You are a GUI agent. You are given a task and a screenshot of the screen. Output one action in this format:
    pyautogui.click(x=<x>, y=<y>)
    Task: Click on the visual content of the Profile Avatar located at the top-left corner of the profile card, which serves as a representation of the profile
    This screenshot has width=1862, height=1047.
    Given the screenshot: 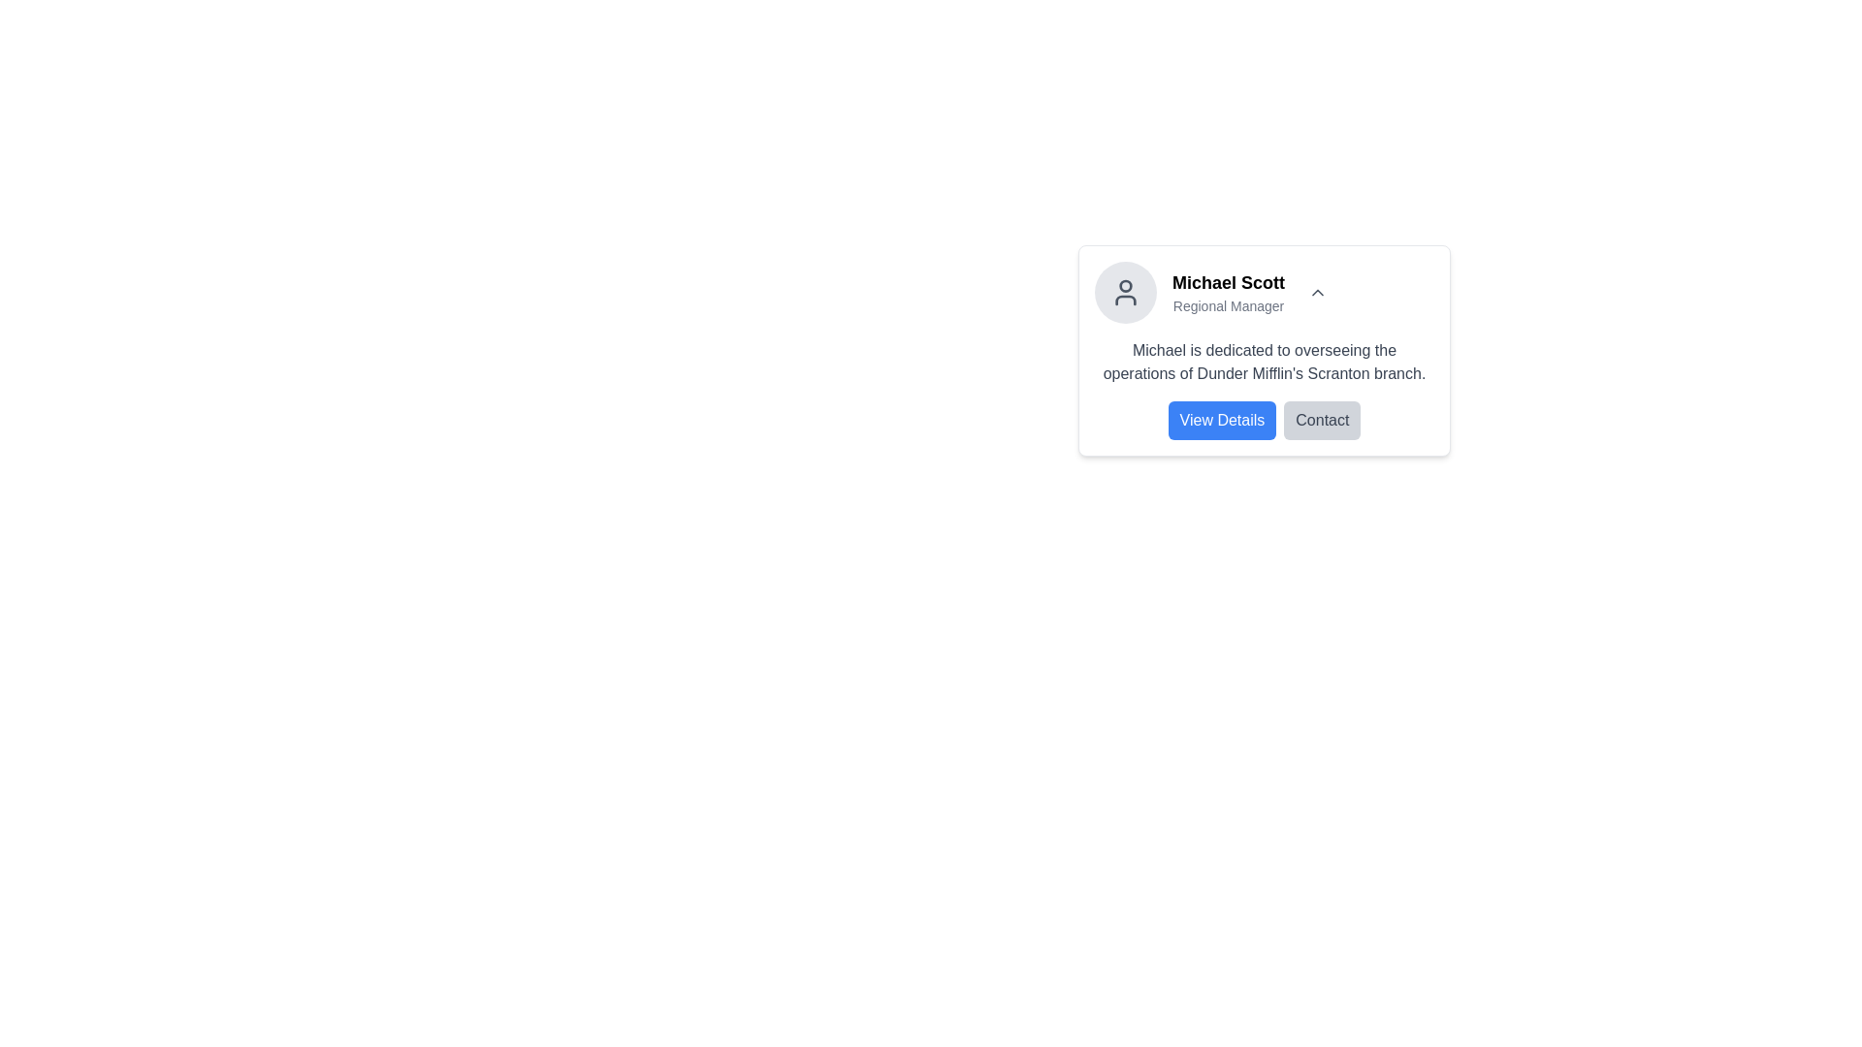 What is the action you would take?
    pyautogui.click(x=1126, y=292)
    